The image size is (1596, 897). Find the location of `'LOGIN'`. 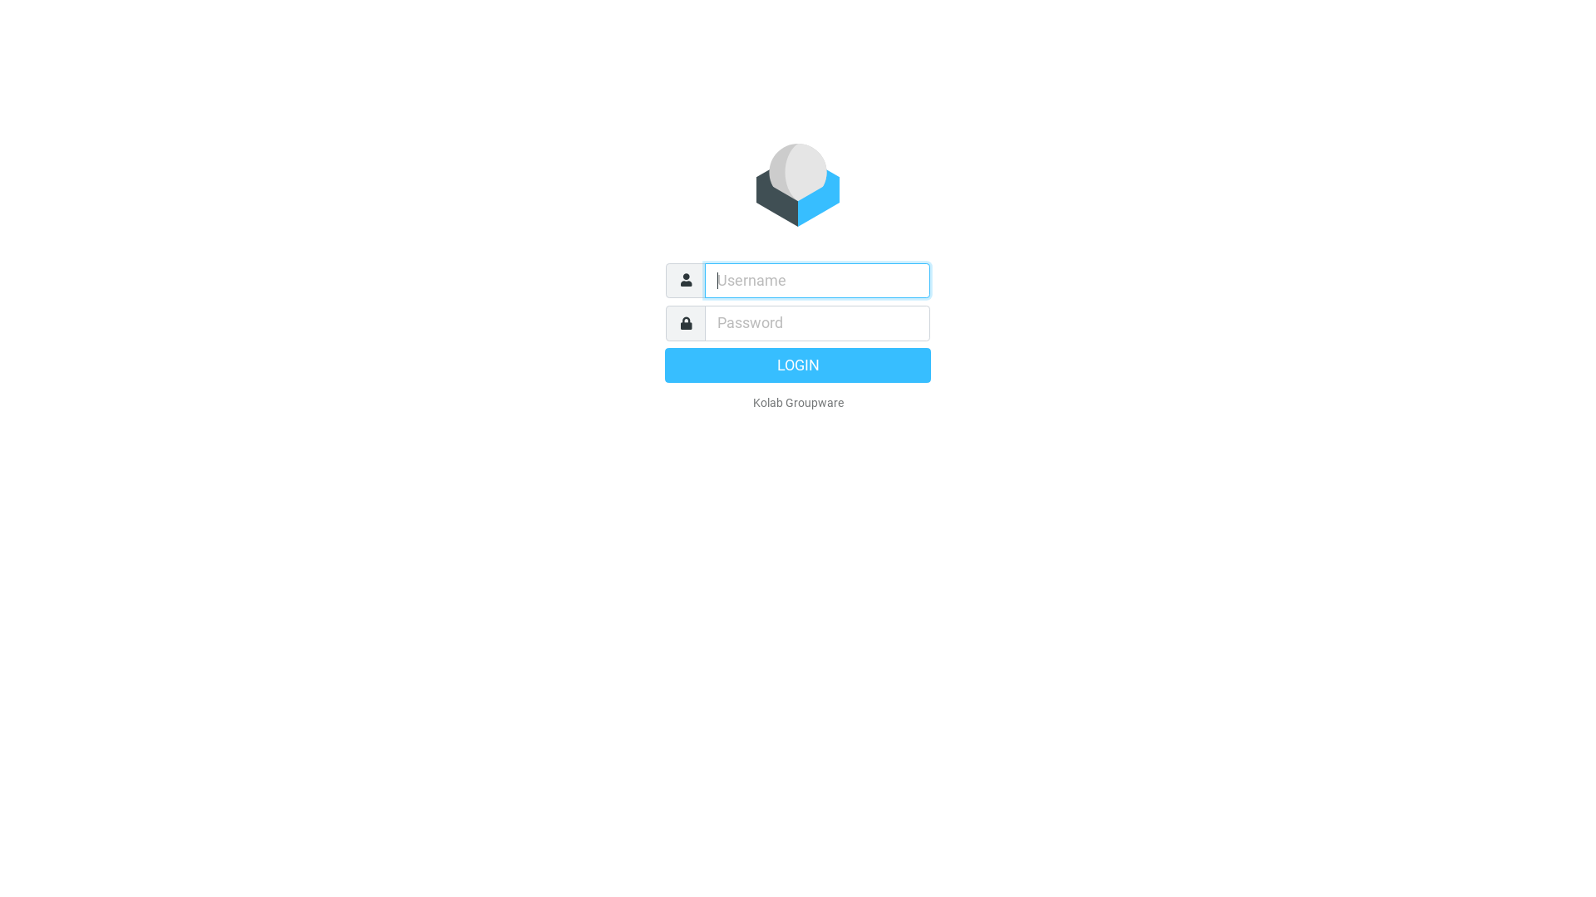

'LOGIN' is located at coordinates (798, 364).